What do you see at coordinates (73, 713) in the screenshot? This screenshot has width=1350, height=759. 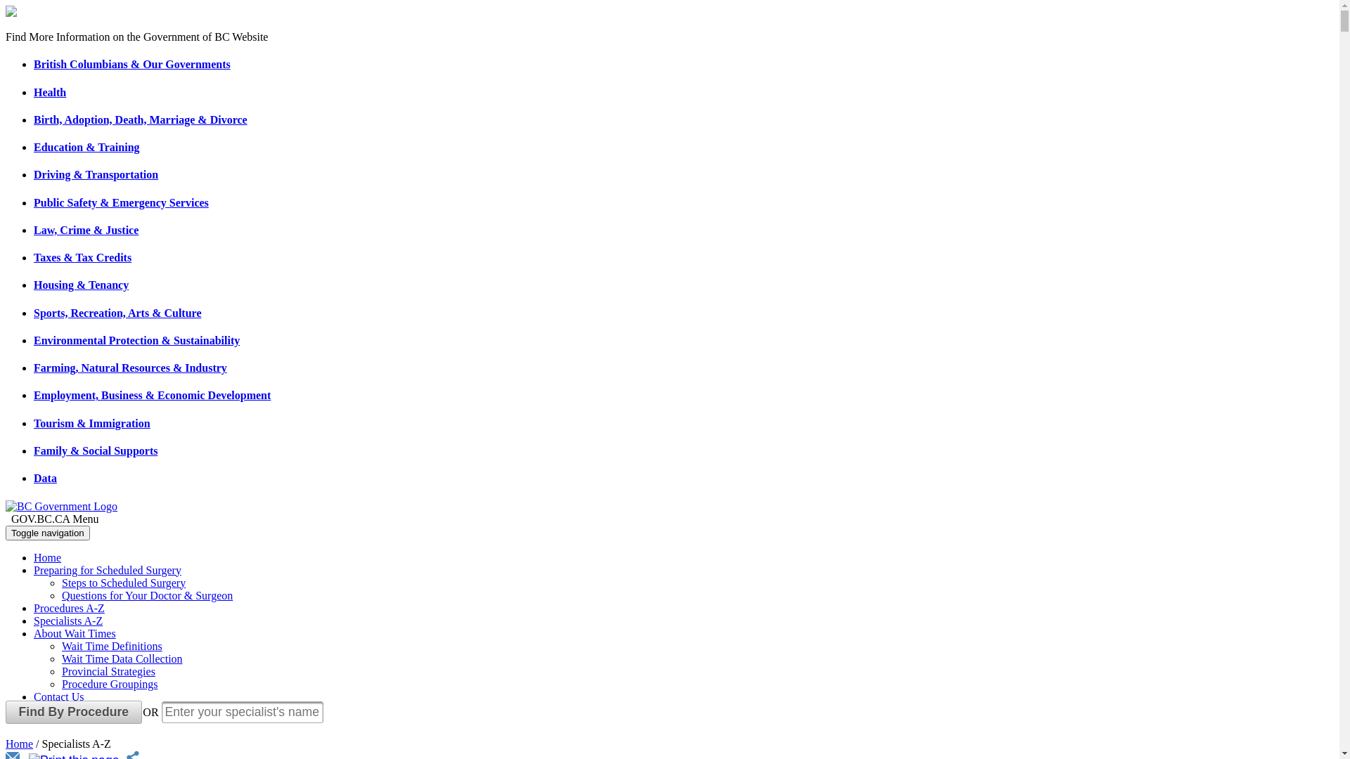 I see `'Find By Procedure'` at bounding box center [73, 713].